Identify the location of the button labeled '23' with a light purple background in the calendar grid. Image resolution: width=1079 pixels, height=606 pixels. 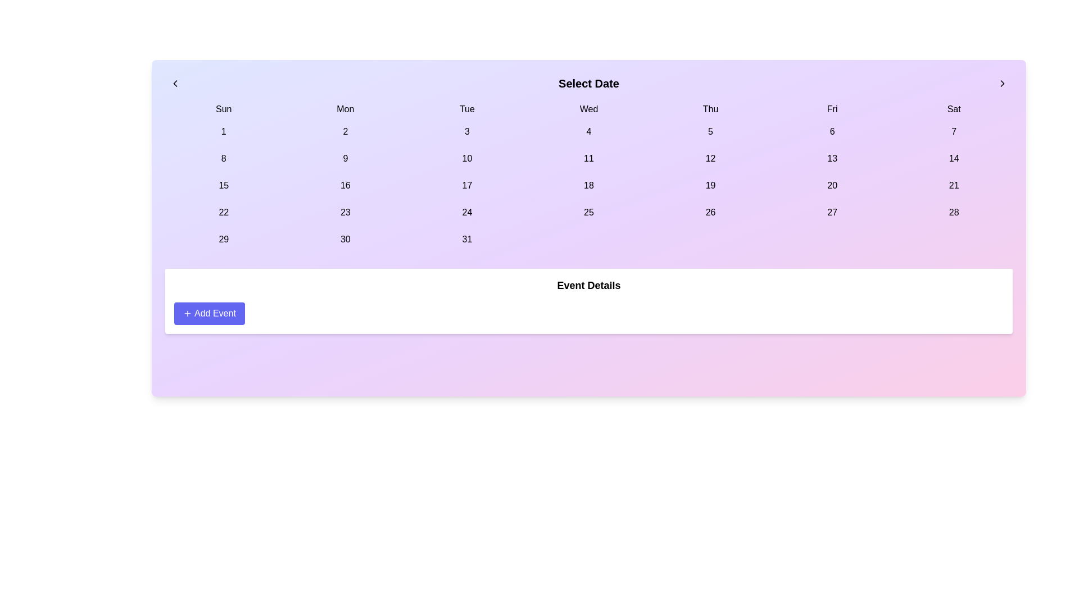
(344, 212).